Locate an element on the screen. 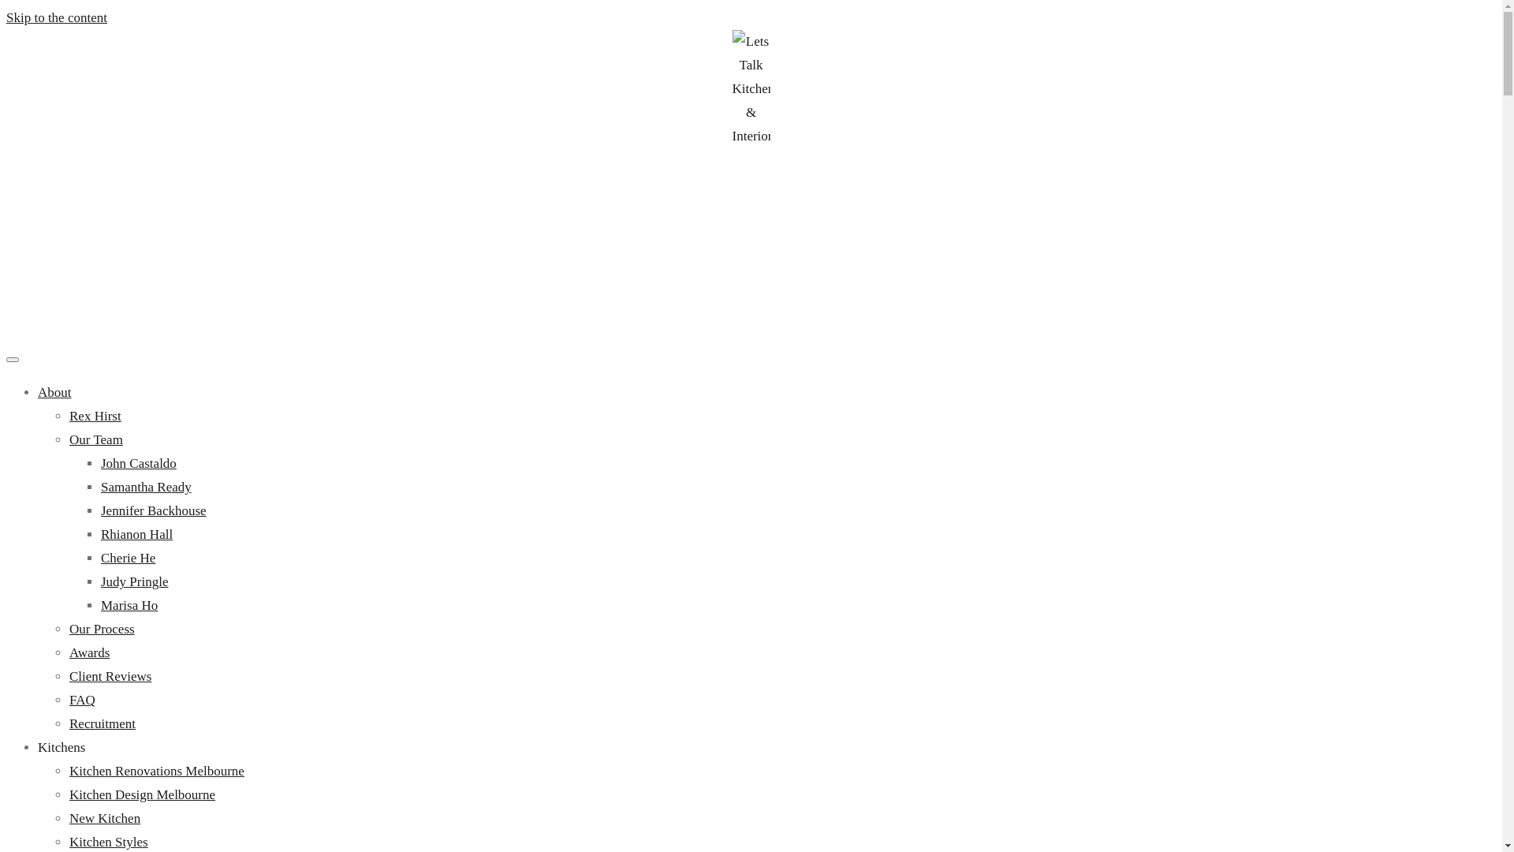 This screenshot has width=1514, height=852. 'Kitchen Styles' is located at coordinates (108, 841).